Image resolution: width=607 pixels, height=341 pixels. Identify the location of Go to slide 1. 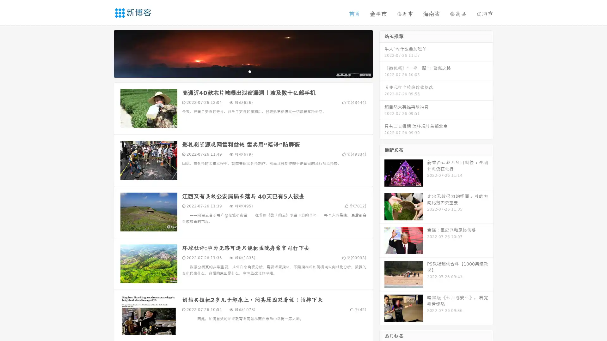
(236, 71).